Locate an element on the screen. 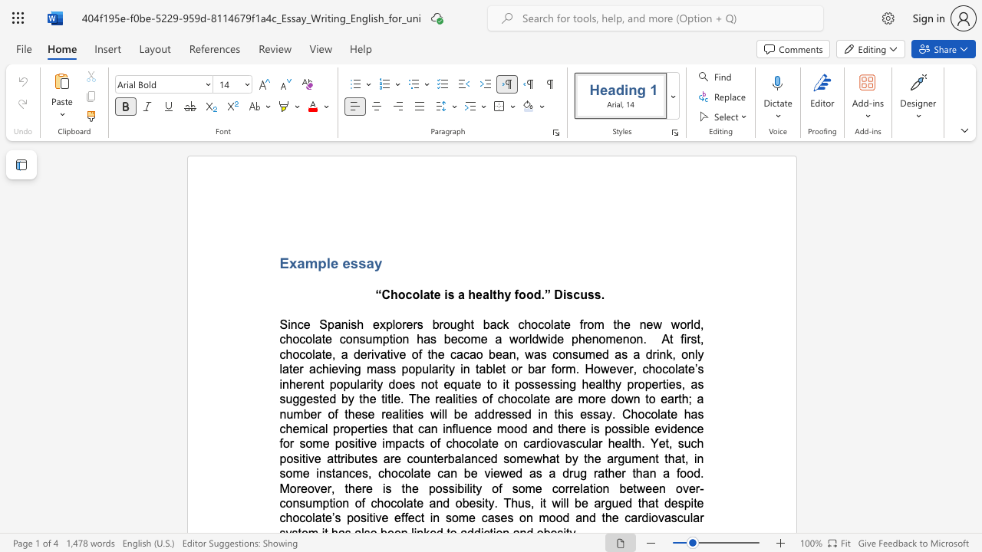 This screenshot has height=552, width=982. the subset text "ing" within the text "possessing" is located at coordinates (559, 383).